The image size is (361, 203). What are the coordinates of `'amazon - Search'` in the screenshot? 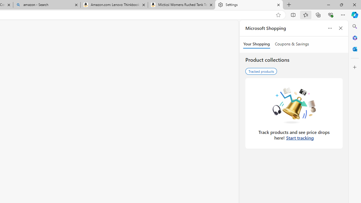 It's located at (47, 5).